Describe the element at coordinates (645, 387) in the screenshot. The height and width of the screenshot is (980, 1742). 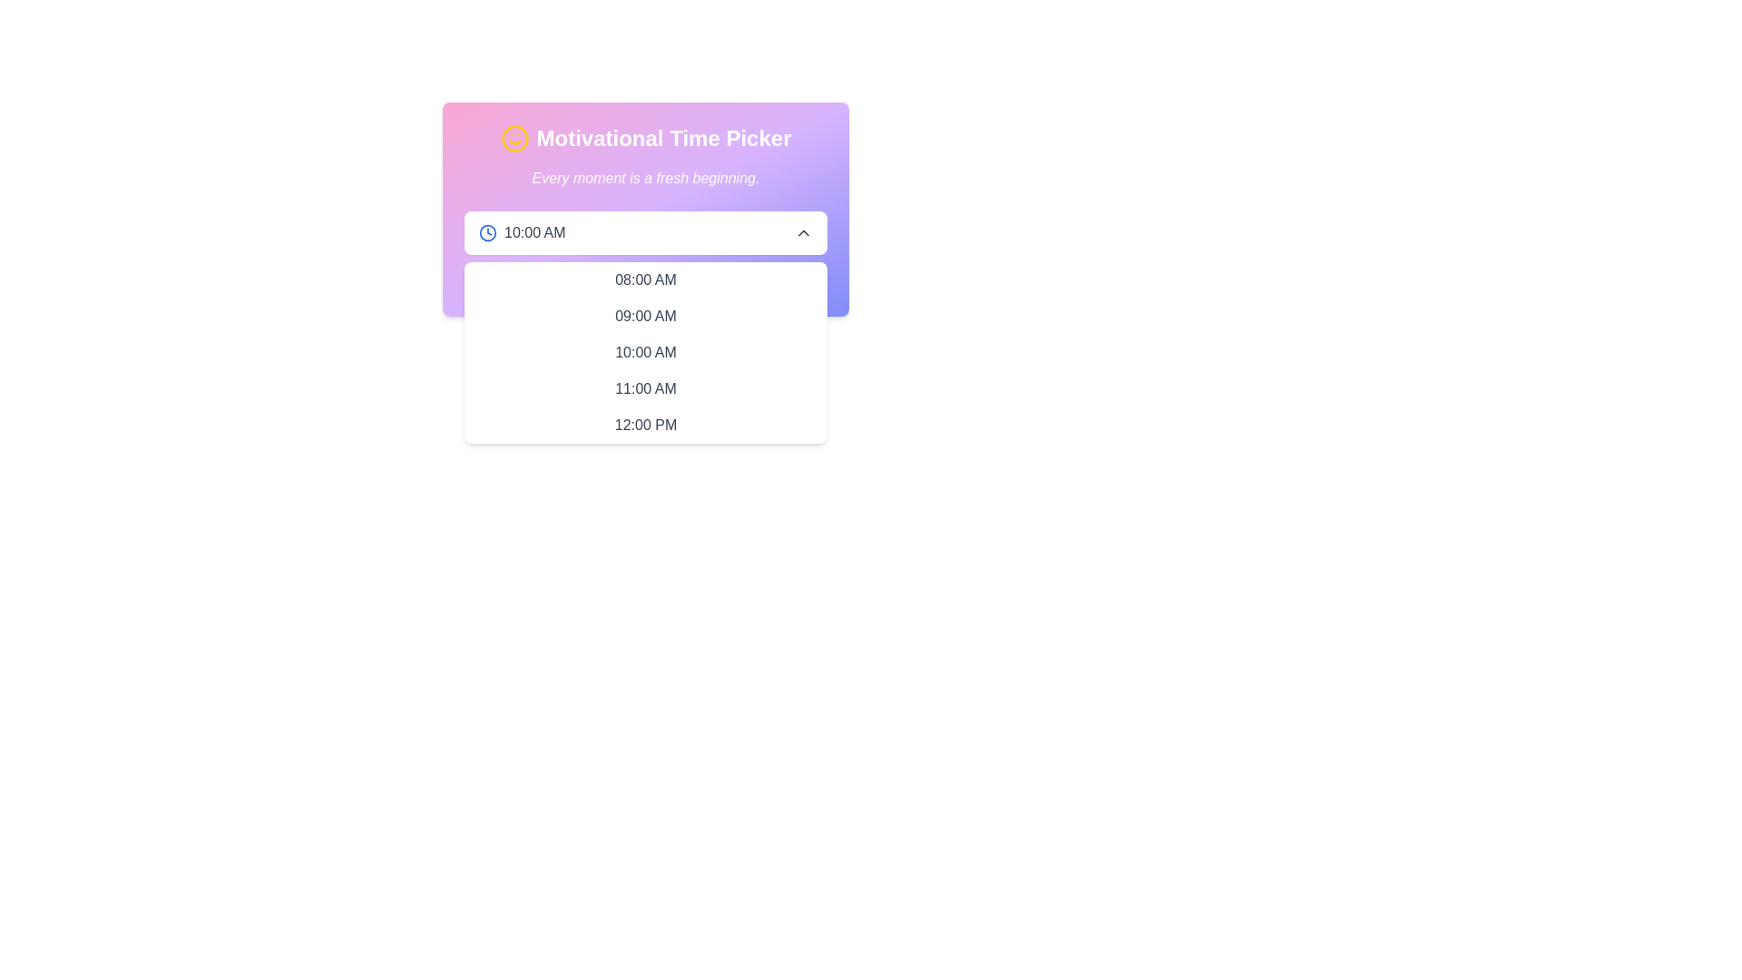
I see `the fourth selectable time slot in the dropdown menu, which is located directly below '10:00 AM' and above '12:00 PM'` at that location.